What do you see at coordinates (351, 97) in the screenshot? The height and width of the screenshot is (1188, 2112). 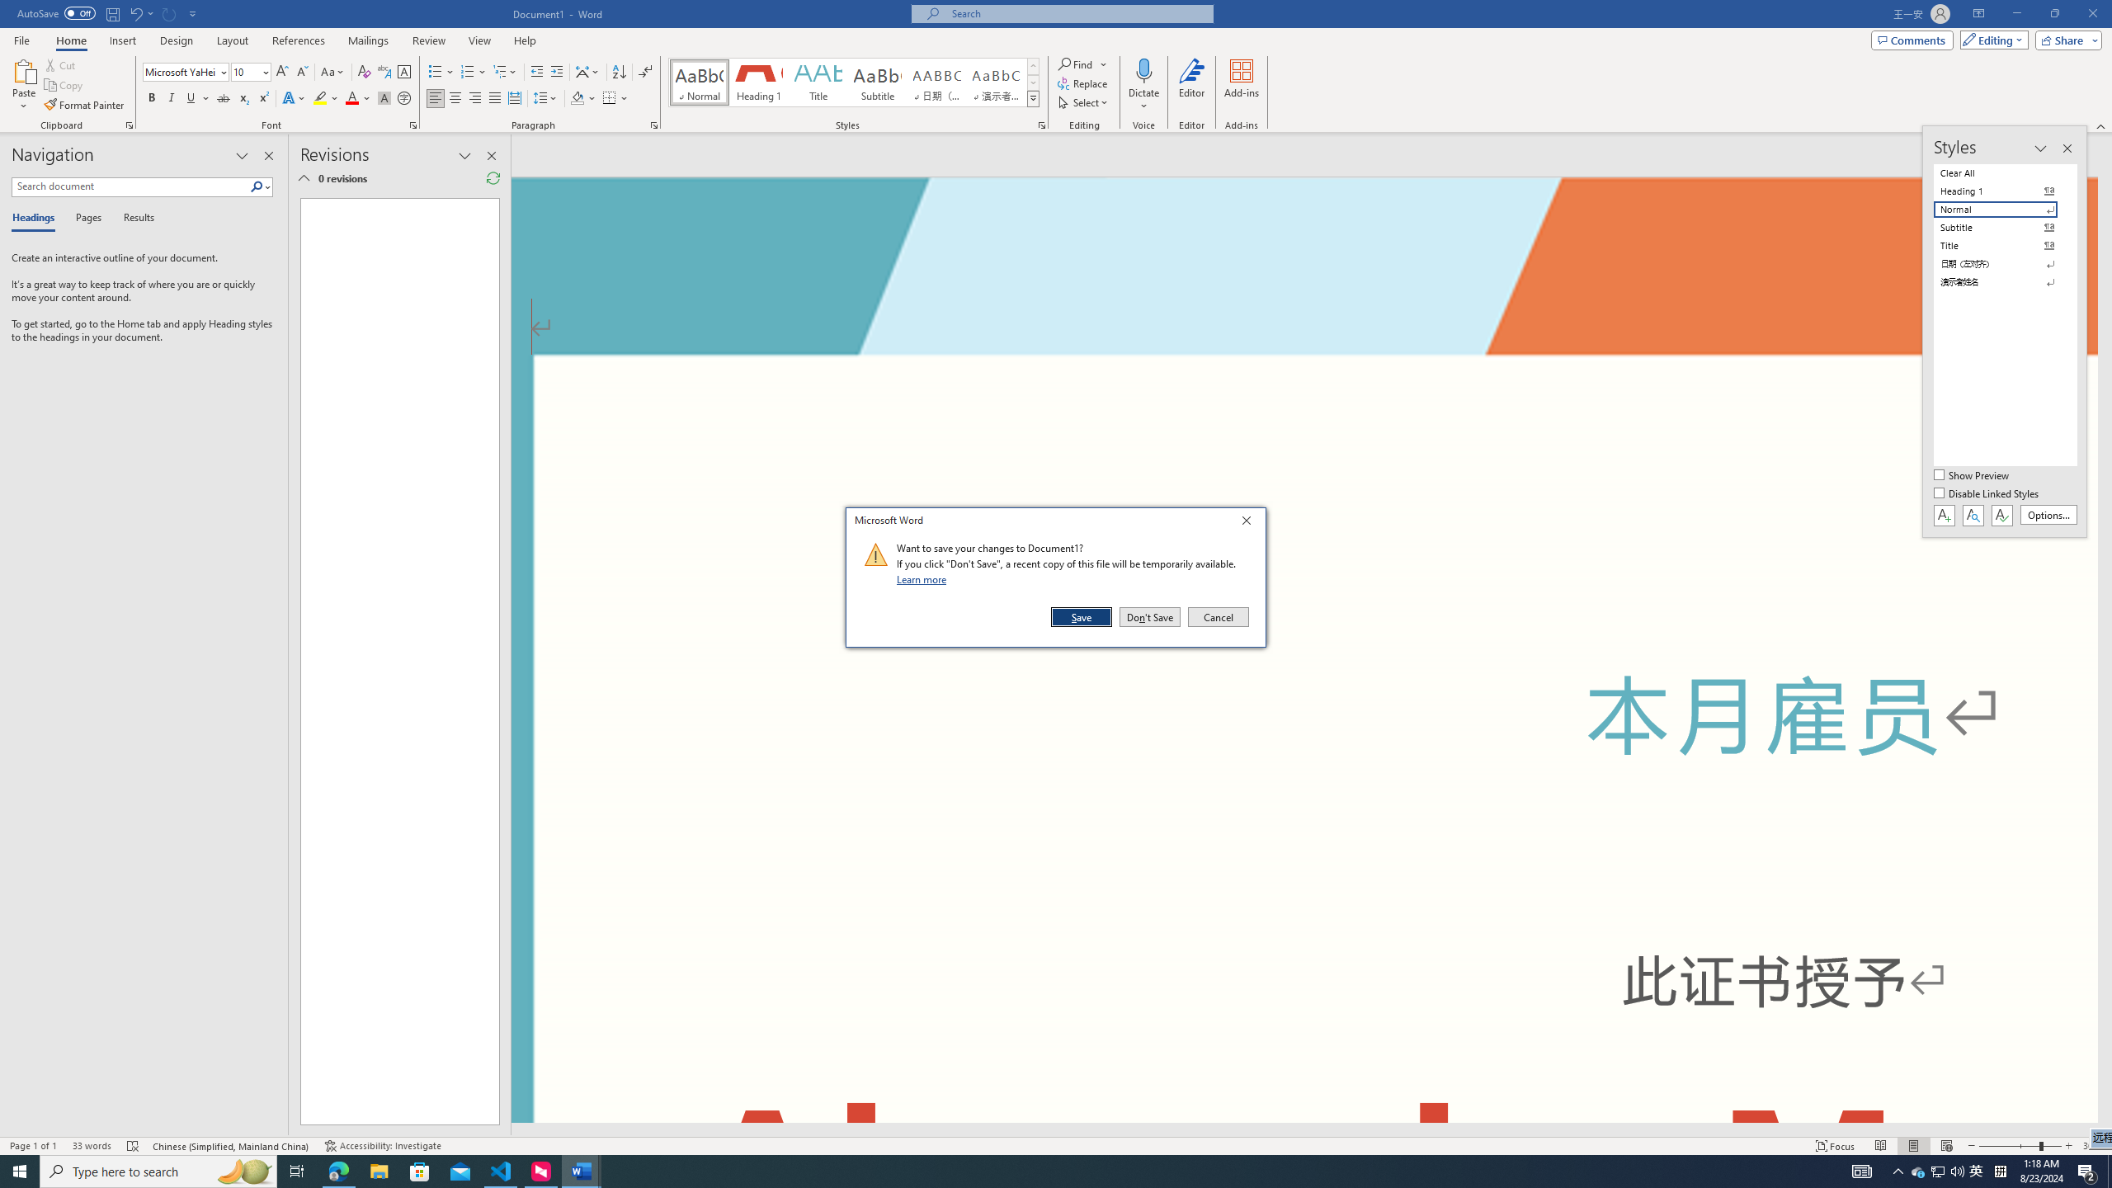 I see `'Font Color Red'` at bounding box center [351, 97].